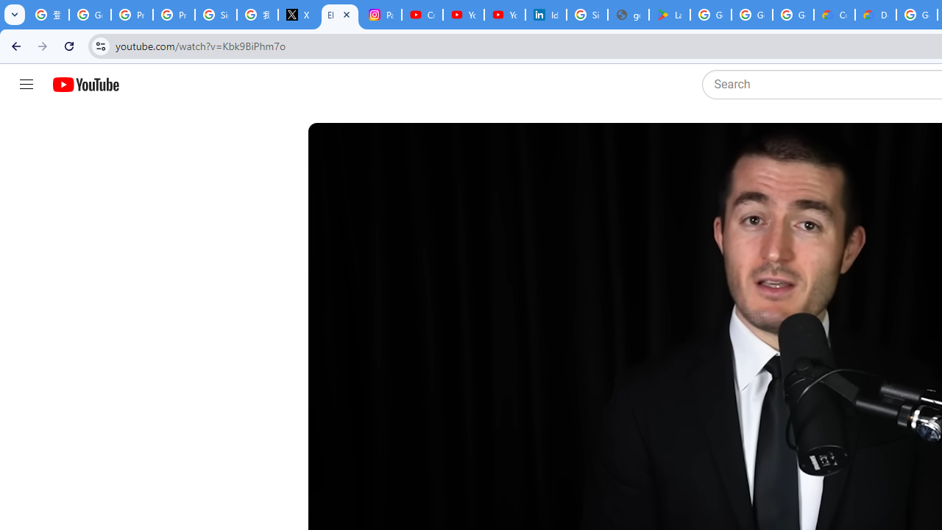  What do you see at coordinates (297, 15) in the screenshot?
I see `'X'` at bounding box center [297, 15].